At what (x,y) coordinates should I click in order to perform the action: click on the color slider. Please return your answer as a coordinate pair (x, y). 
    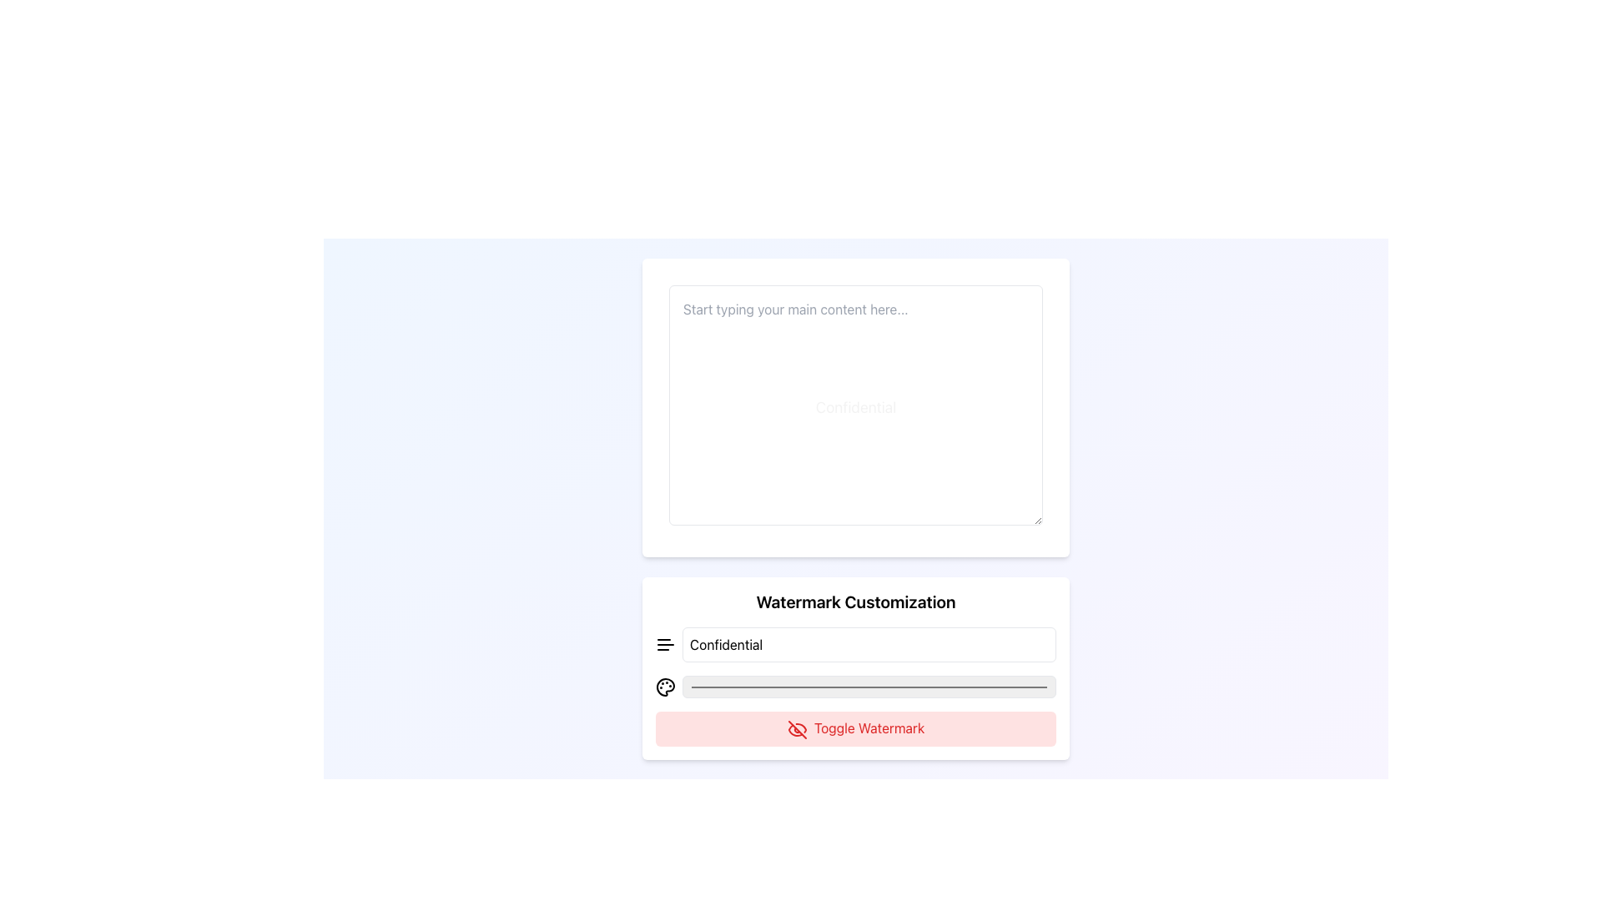
    Looking at the image, I should click on (760, 687).